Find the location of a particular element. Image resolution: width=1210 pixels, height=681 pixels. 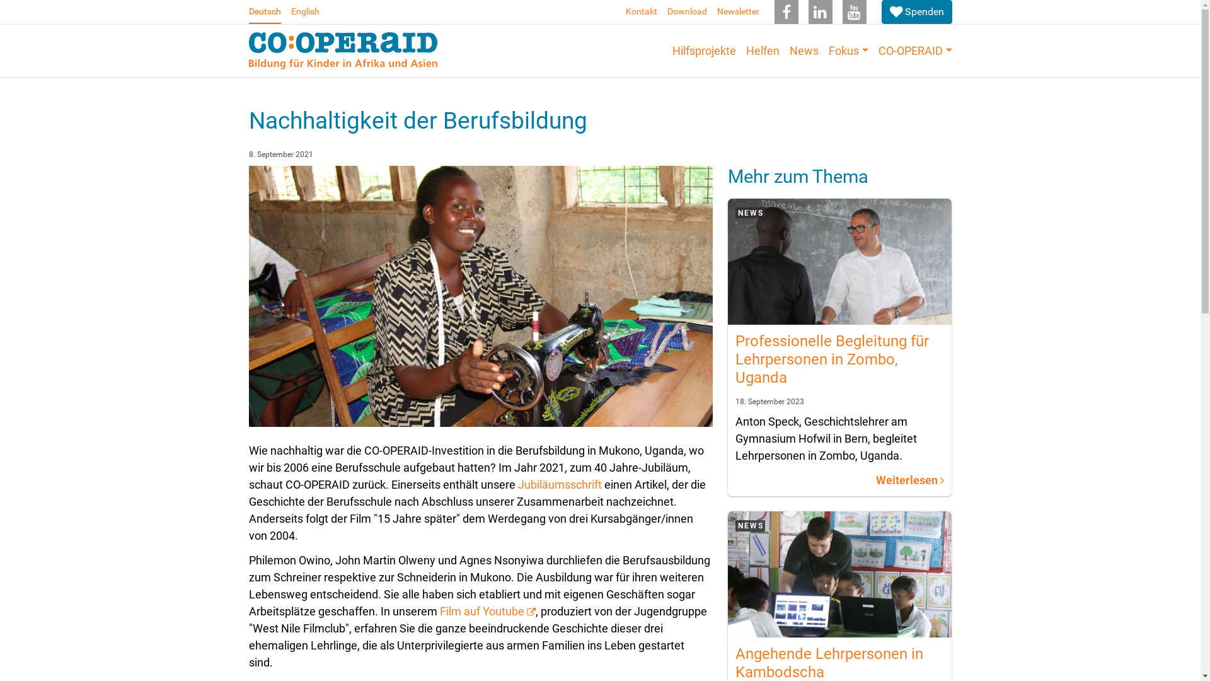

'Film auf Youtube' is located at coordinates (487, 610).